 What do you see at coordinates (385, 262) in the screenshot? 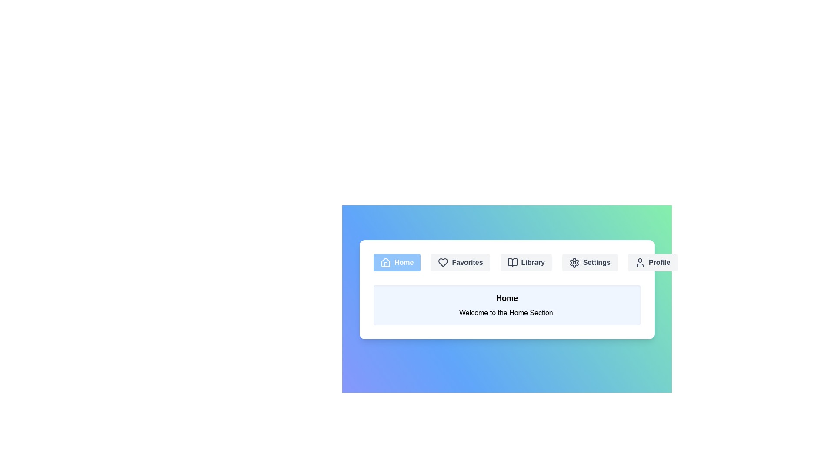
I see `the house icon located in the 'Home' button of the navigation bar, which is the first icon from the left` at bounding box center [385, 262].